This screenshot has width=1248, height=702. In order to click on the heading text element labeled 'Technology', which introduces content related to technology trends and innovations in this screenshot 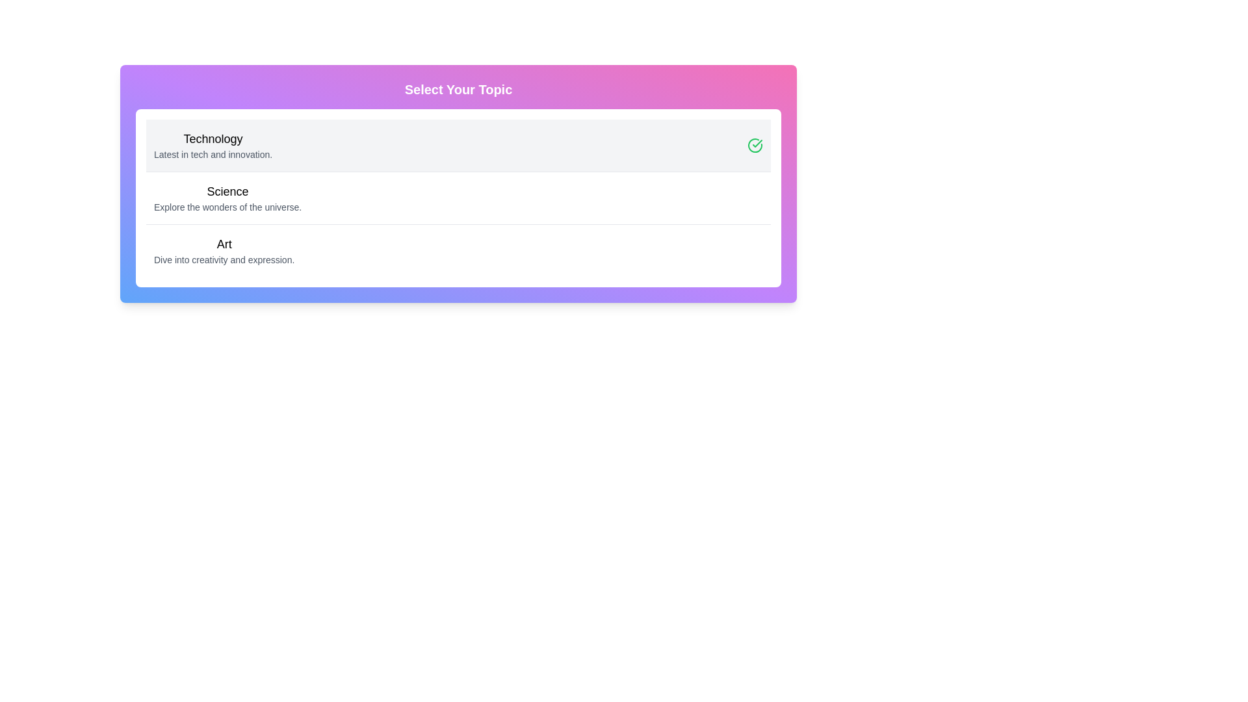, I will do `click(213, 138)`.